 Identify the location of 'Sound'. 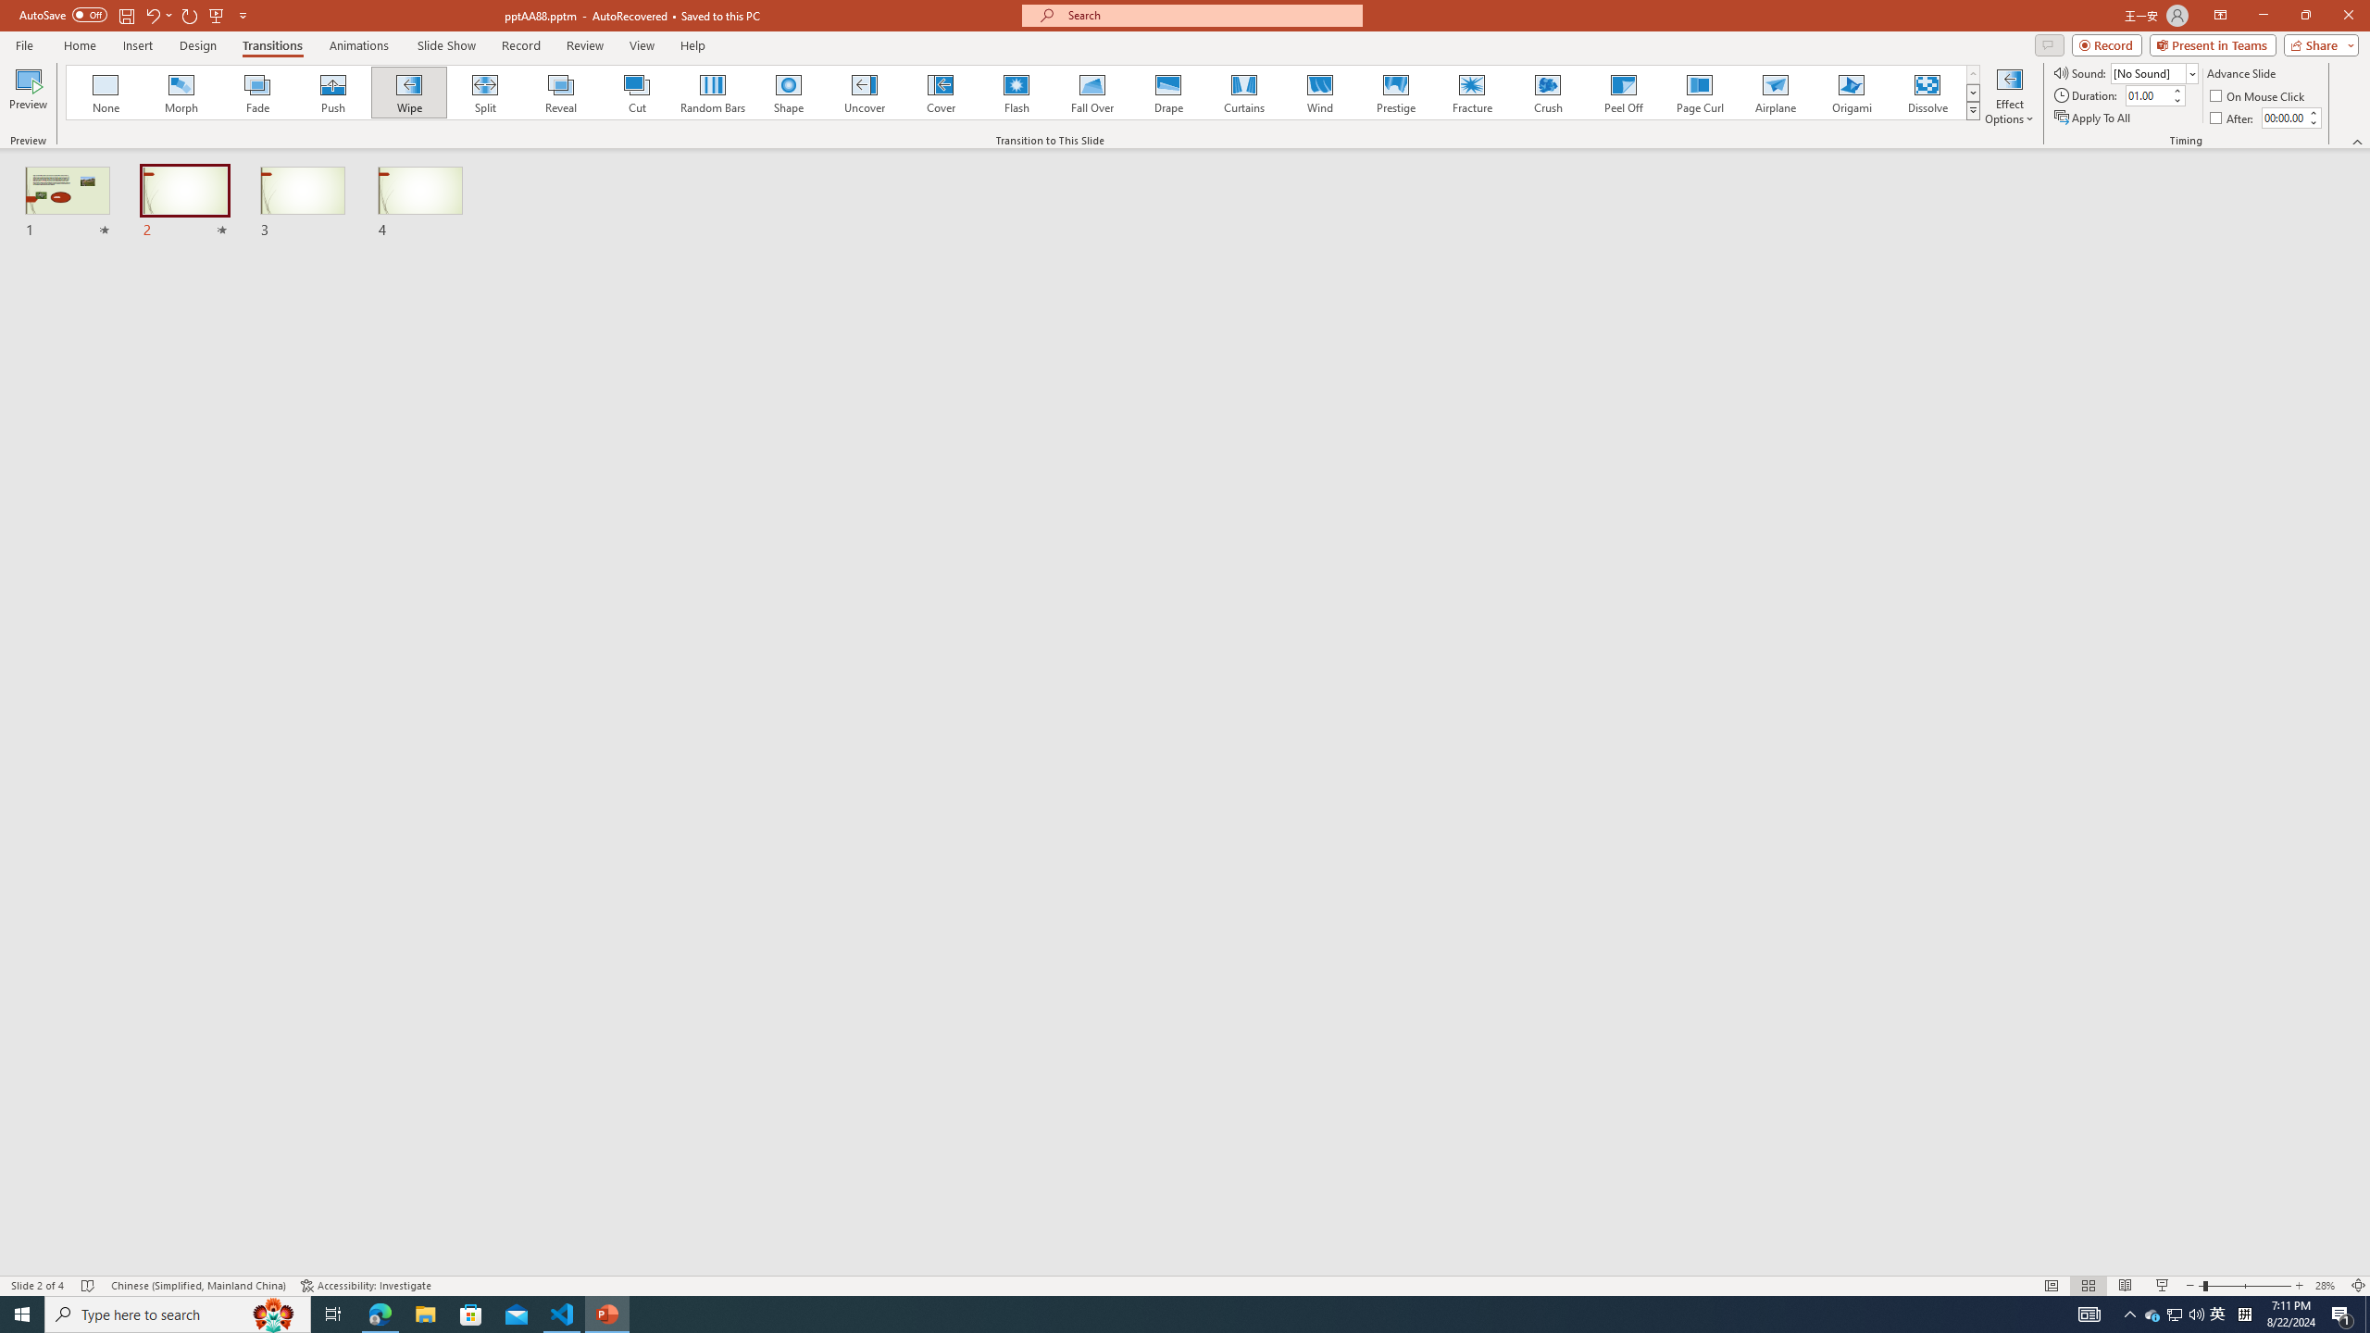
(2154, 72).